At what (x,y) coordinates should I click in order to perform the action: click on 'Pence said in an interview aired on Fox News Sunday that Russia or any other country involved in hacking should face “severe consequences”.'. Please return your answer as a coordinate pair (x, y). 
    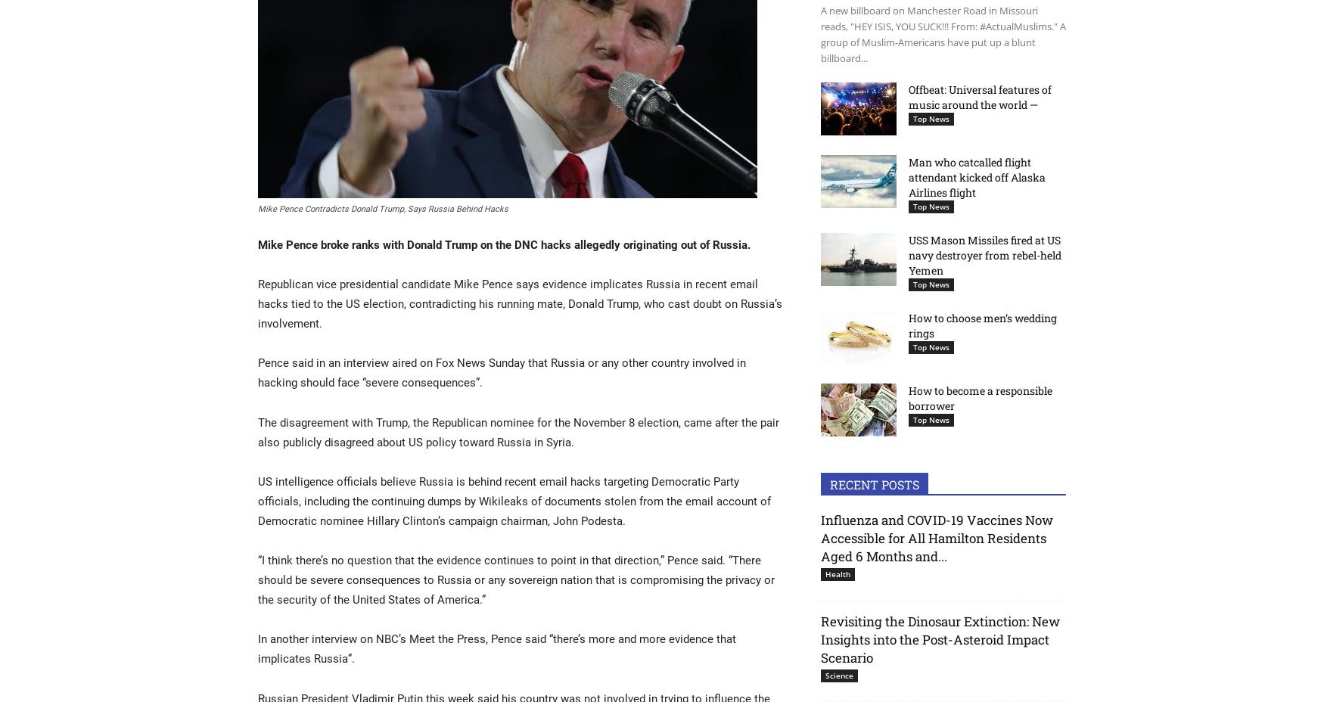
    Looking at the image, I should click on (258, 371).